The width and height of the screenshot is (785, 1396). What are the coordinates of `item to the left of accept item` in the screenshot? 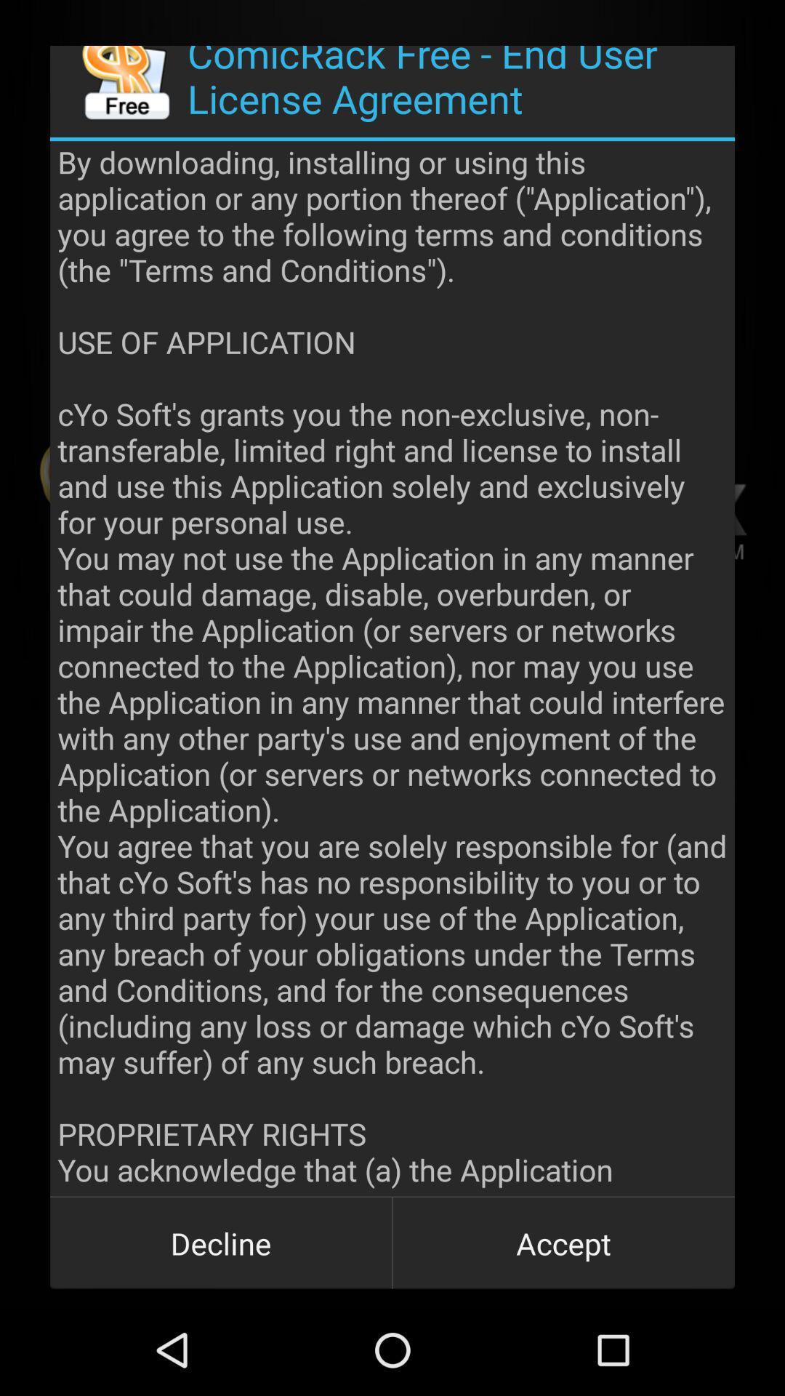 It's located at (221, 1242).